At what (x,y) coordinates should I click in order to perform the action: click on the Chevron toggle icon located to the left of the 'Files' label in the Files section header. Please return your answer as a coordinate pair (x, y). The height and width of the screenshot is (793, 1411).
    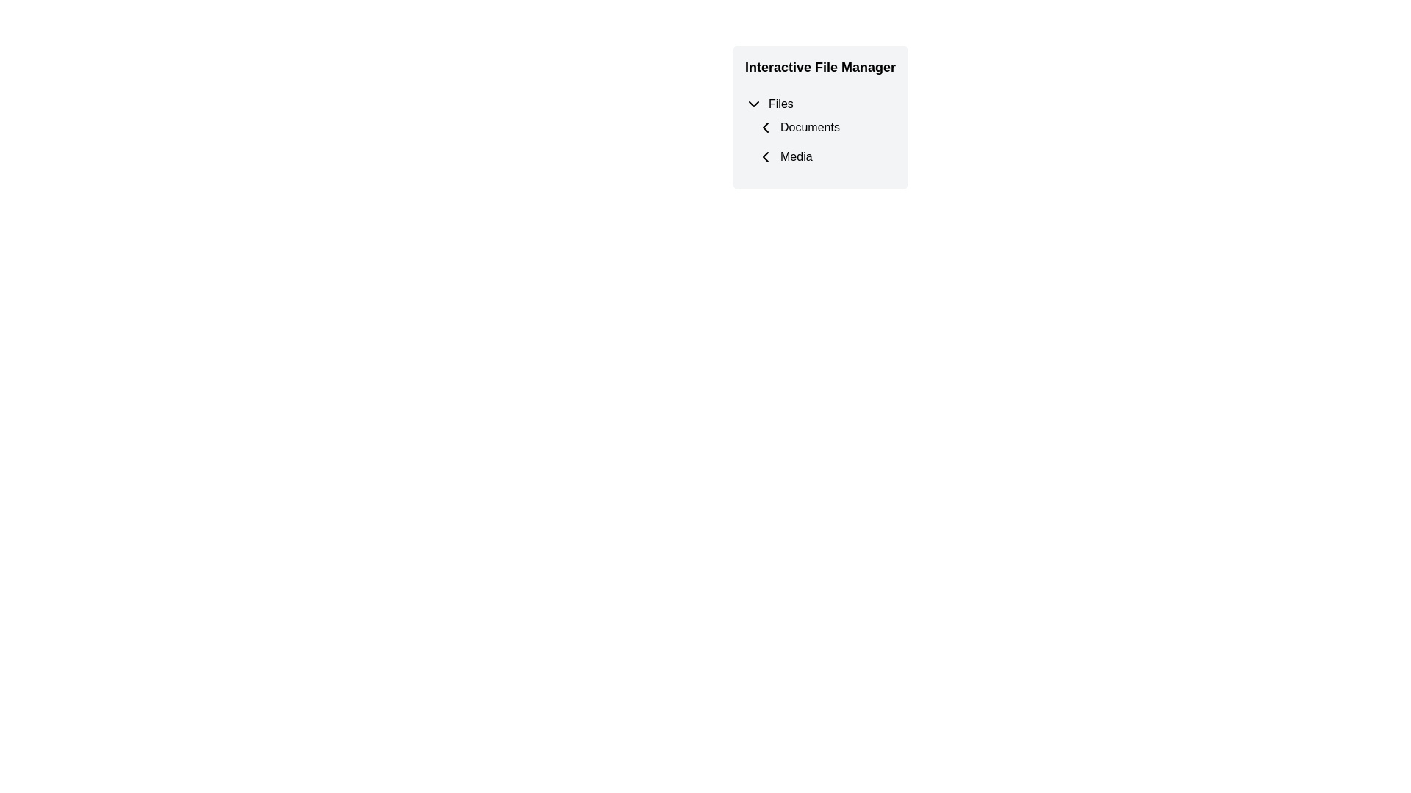
    Looking at the image, I should click on (754, 104).